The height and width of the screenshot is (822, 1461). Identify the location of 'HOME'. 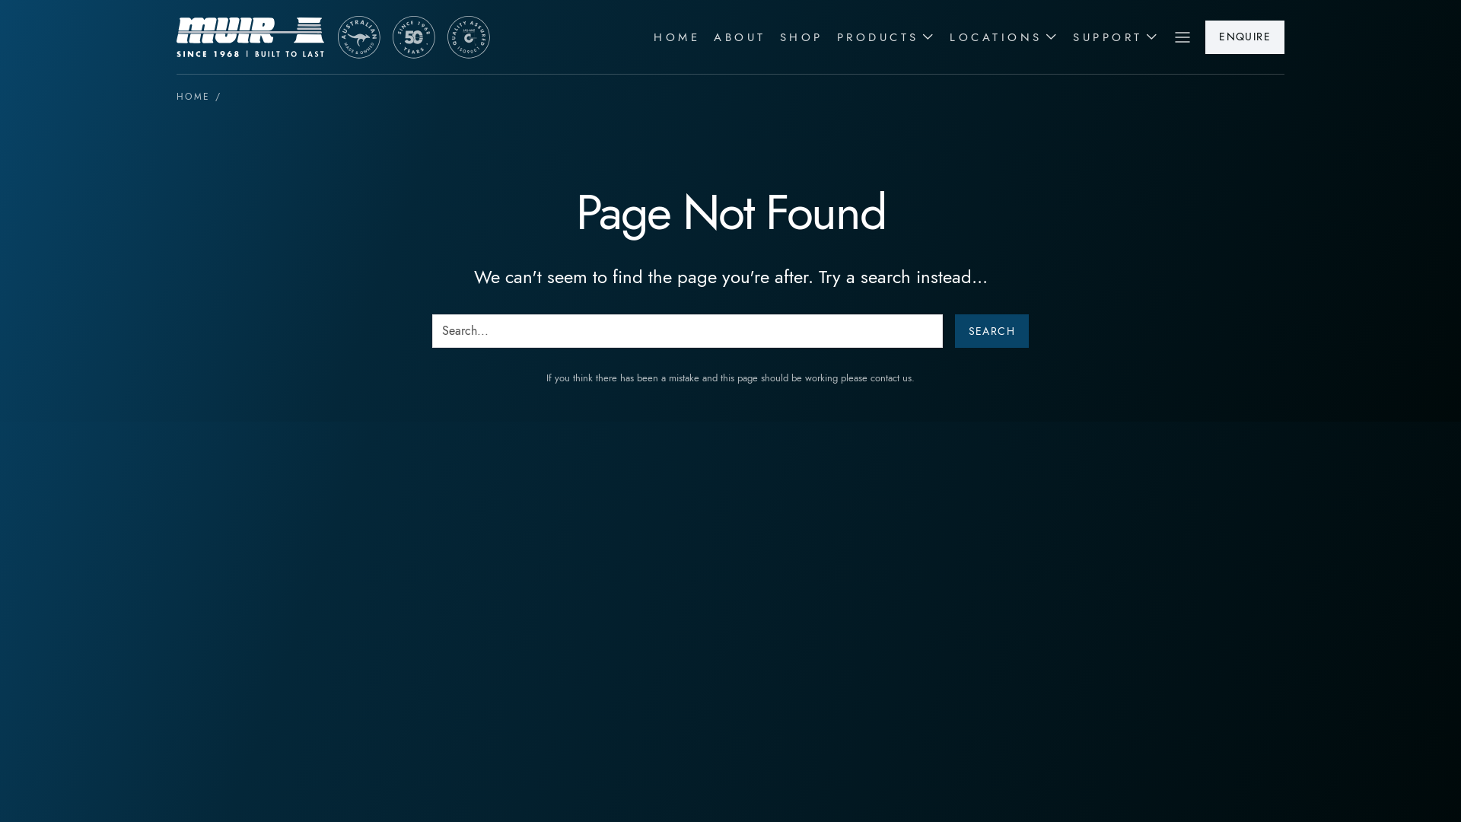
(676, 37).